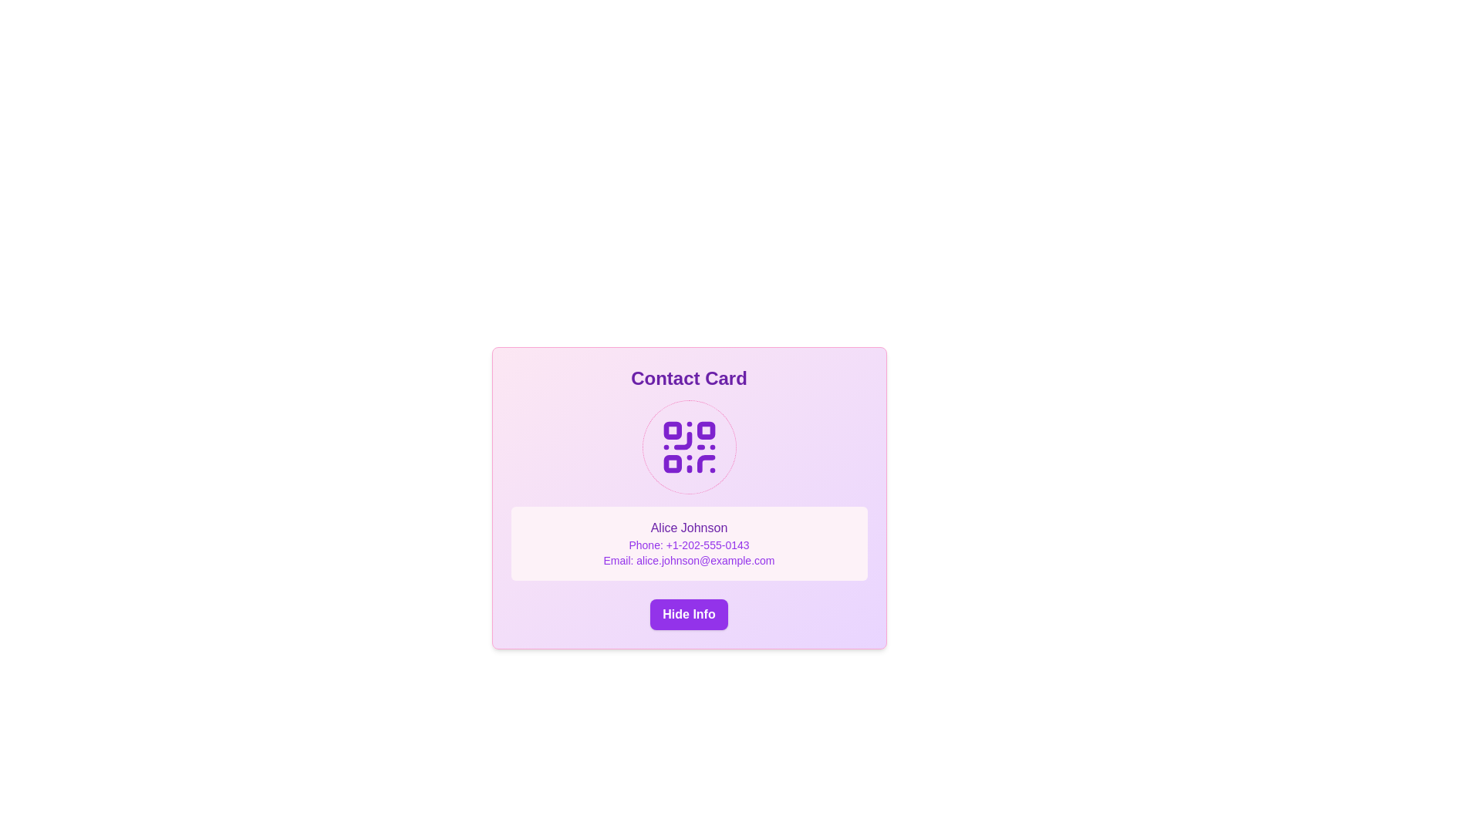  Describe the element at coordinates (672, 430) in the screenshot. I see `the first square of the QR code graphic, which is a decorative component located at the top-left of the QR code` at that location.